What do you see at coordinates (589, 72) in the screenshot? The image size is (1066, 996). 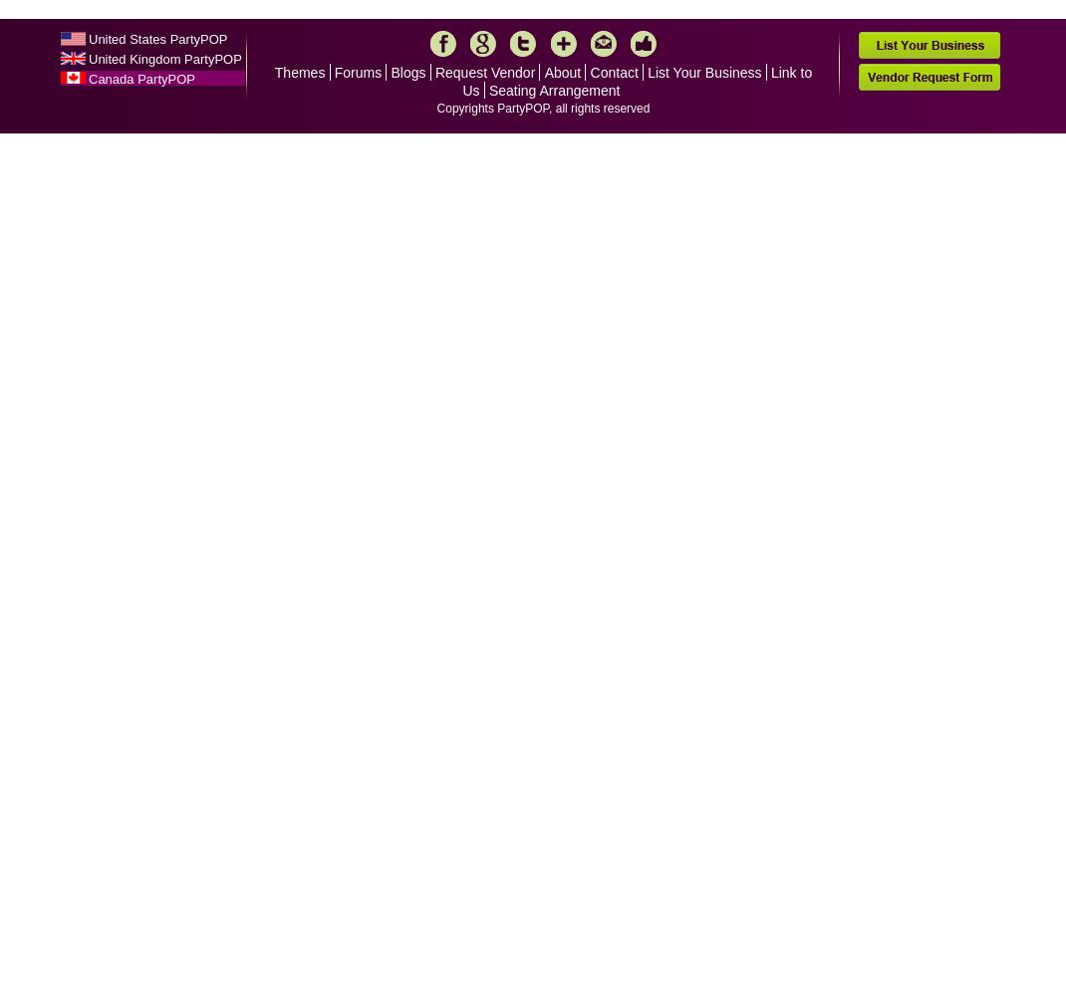 I see `'Contact'` at bounding box center [589, 72].